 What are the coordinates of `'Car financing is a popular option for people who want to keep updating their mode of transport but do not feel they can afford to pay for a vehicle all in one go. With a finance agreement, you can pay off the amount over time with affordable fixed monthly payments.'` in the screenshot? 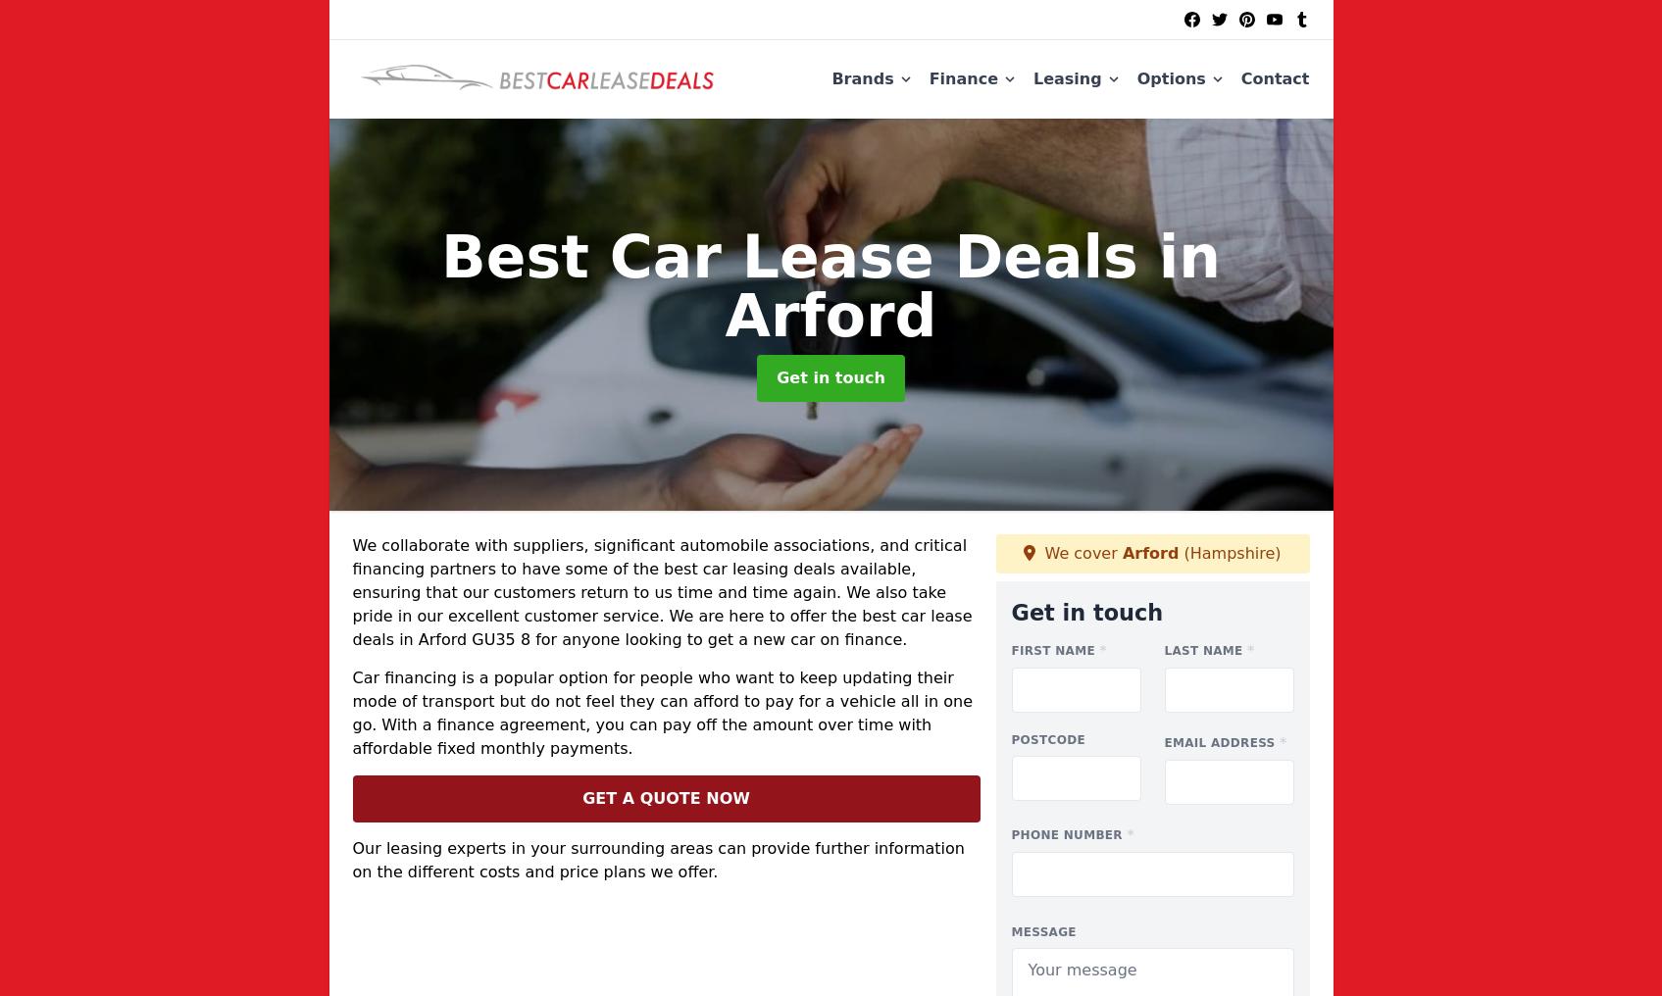 It's located at (662, 712).